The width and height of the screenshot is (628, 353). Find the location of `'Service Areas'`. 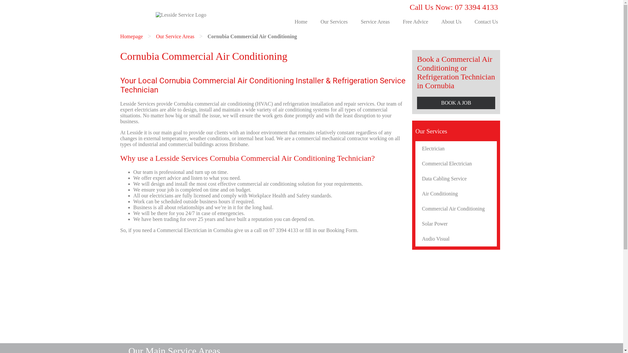

'Service Areas' is located at coordinates (354, 21).